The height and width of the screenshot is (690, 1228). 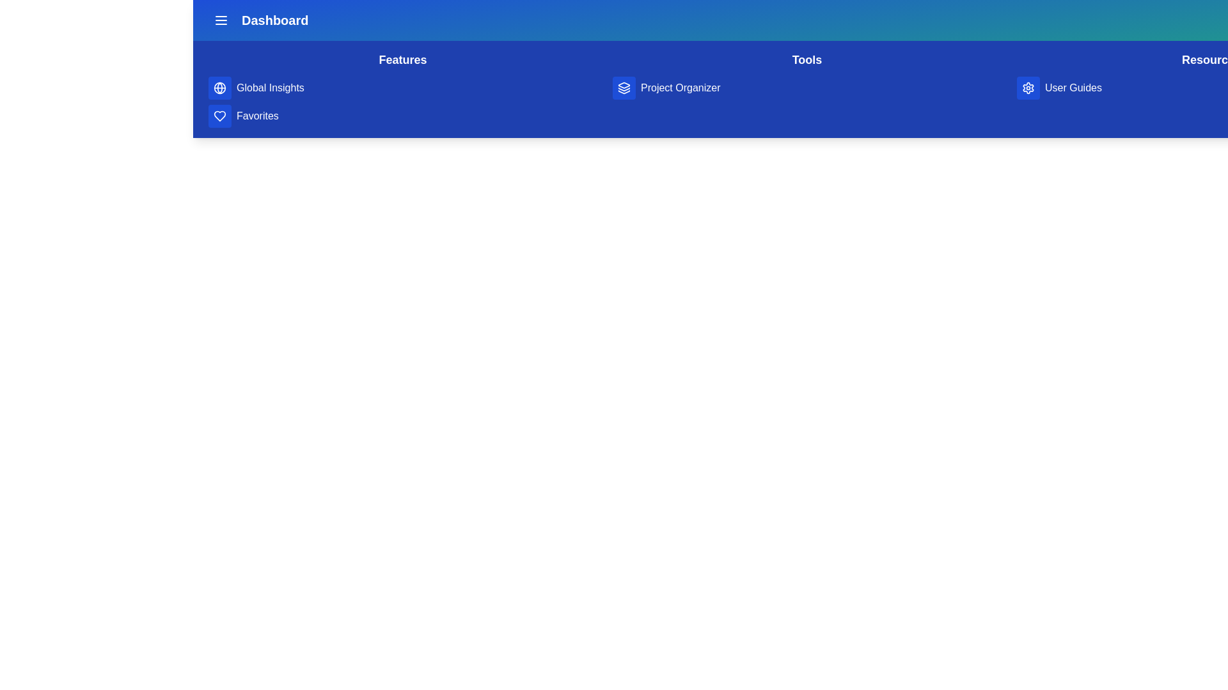 What do you see at coordinates (220, 88) in the screenshot?
I see `the navigational button located to the left of the 'Global Insights' text in the 'Features' section` at bounding box center [220, 88].